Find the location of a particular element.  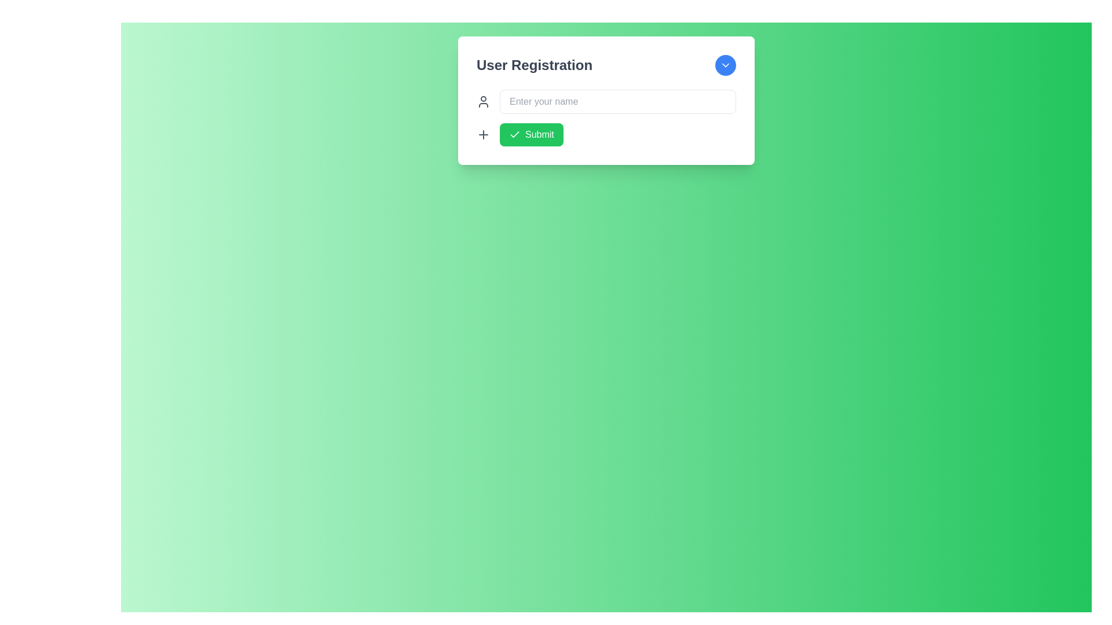

the blue circular button with a white downward-pointing chevron icon located at the top right corner of the 'User Registration' section is located at coordinates (725, 65).